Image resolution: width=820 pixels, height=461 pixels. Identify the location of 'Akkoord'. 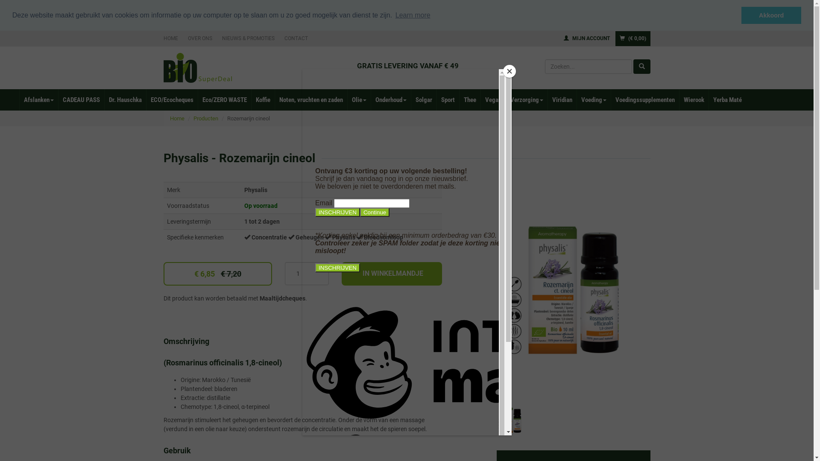
(741, 15).